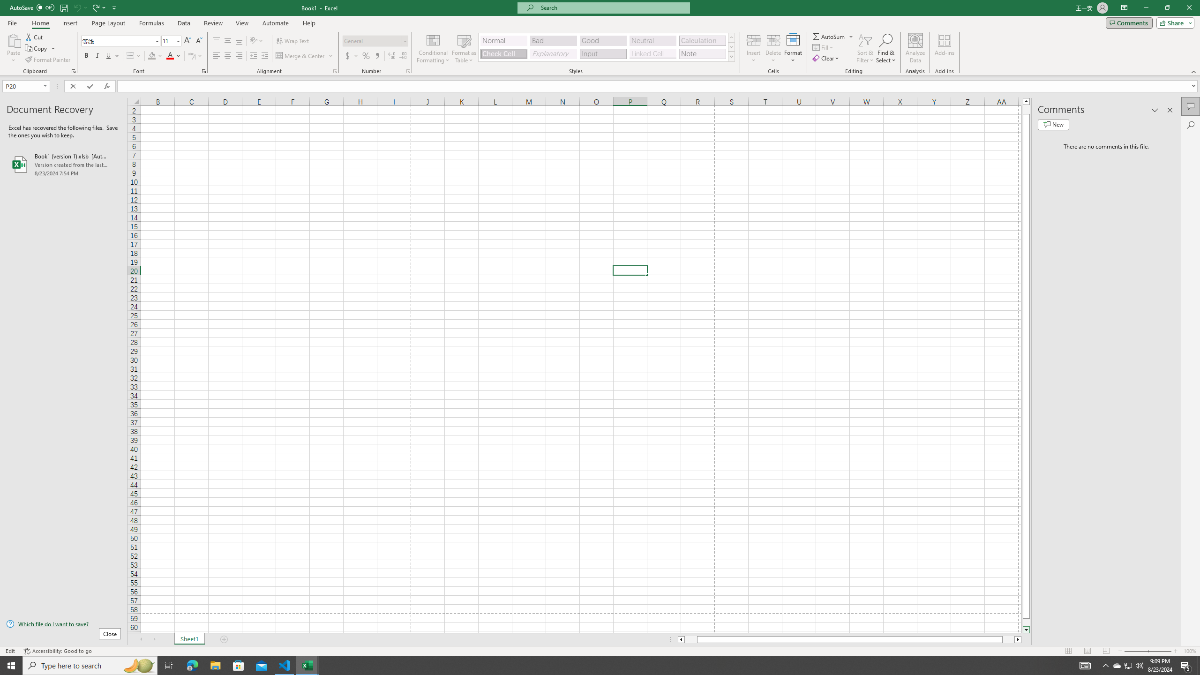  Describe the element at coordinates (731, 56) in the screenshot. I see `'Cell Styles'` at that location.